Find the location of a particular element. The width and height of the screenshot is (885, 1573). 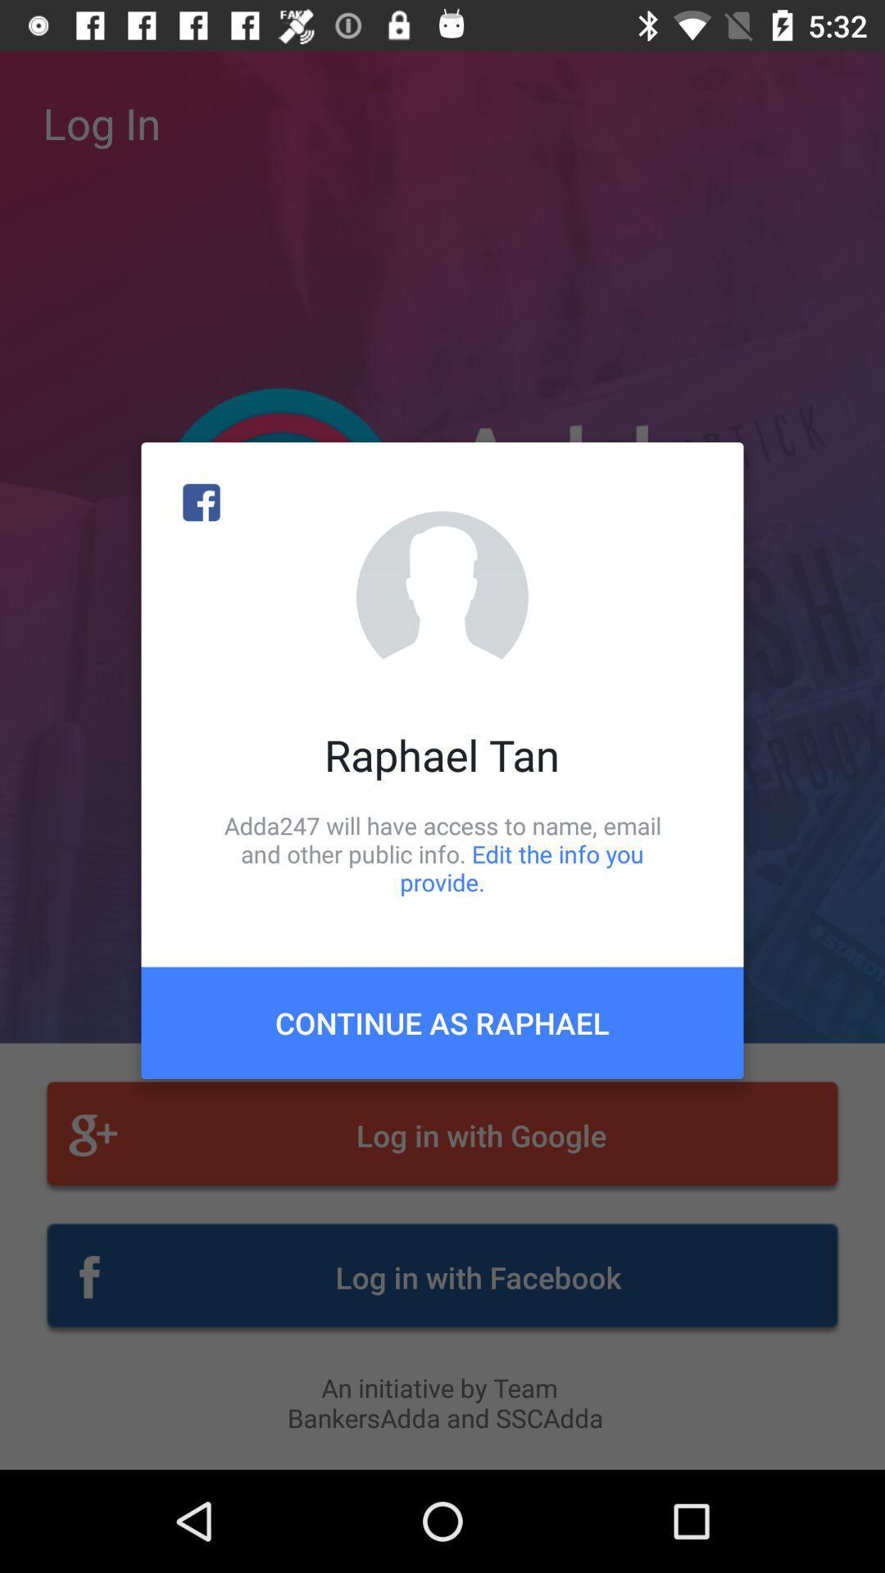

icon below adda247 will have is located at coordinates (442, 1022).